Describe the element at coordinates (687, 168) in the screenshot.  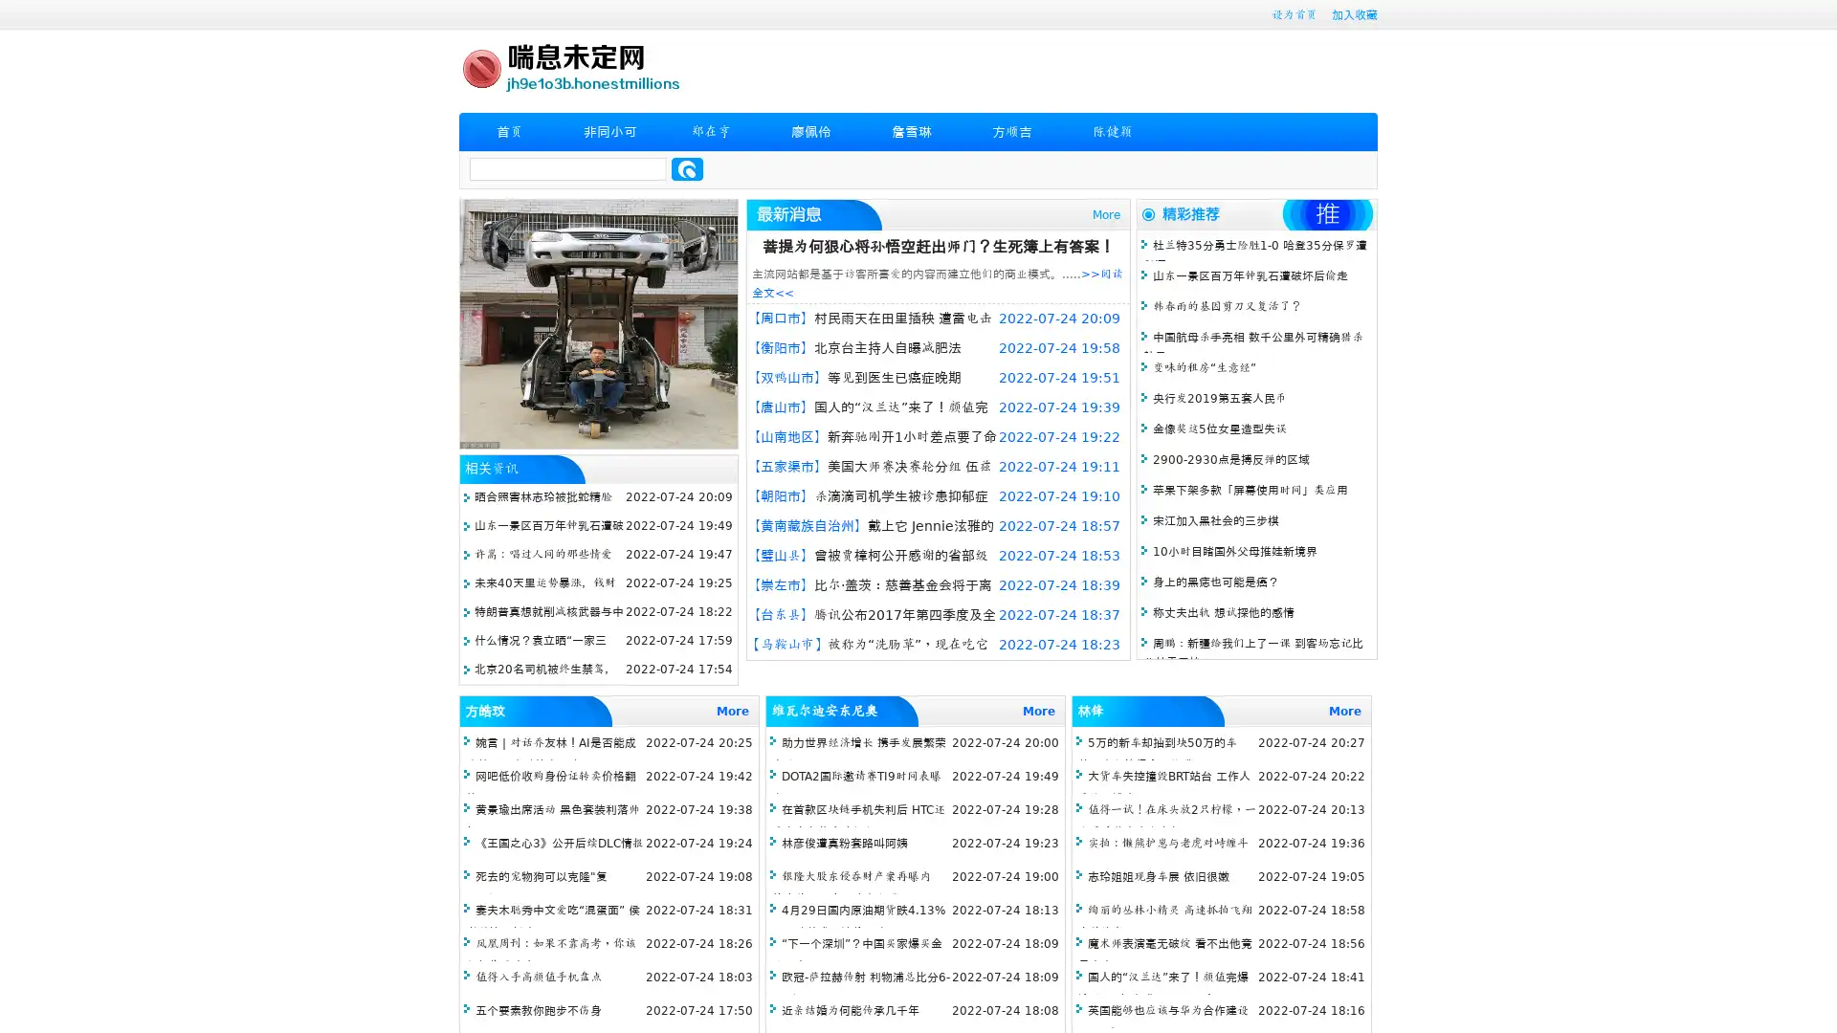
I see `Search` at that location.